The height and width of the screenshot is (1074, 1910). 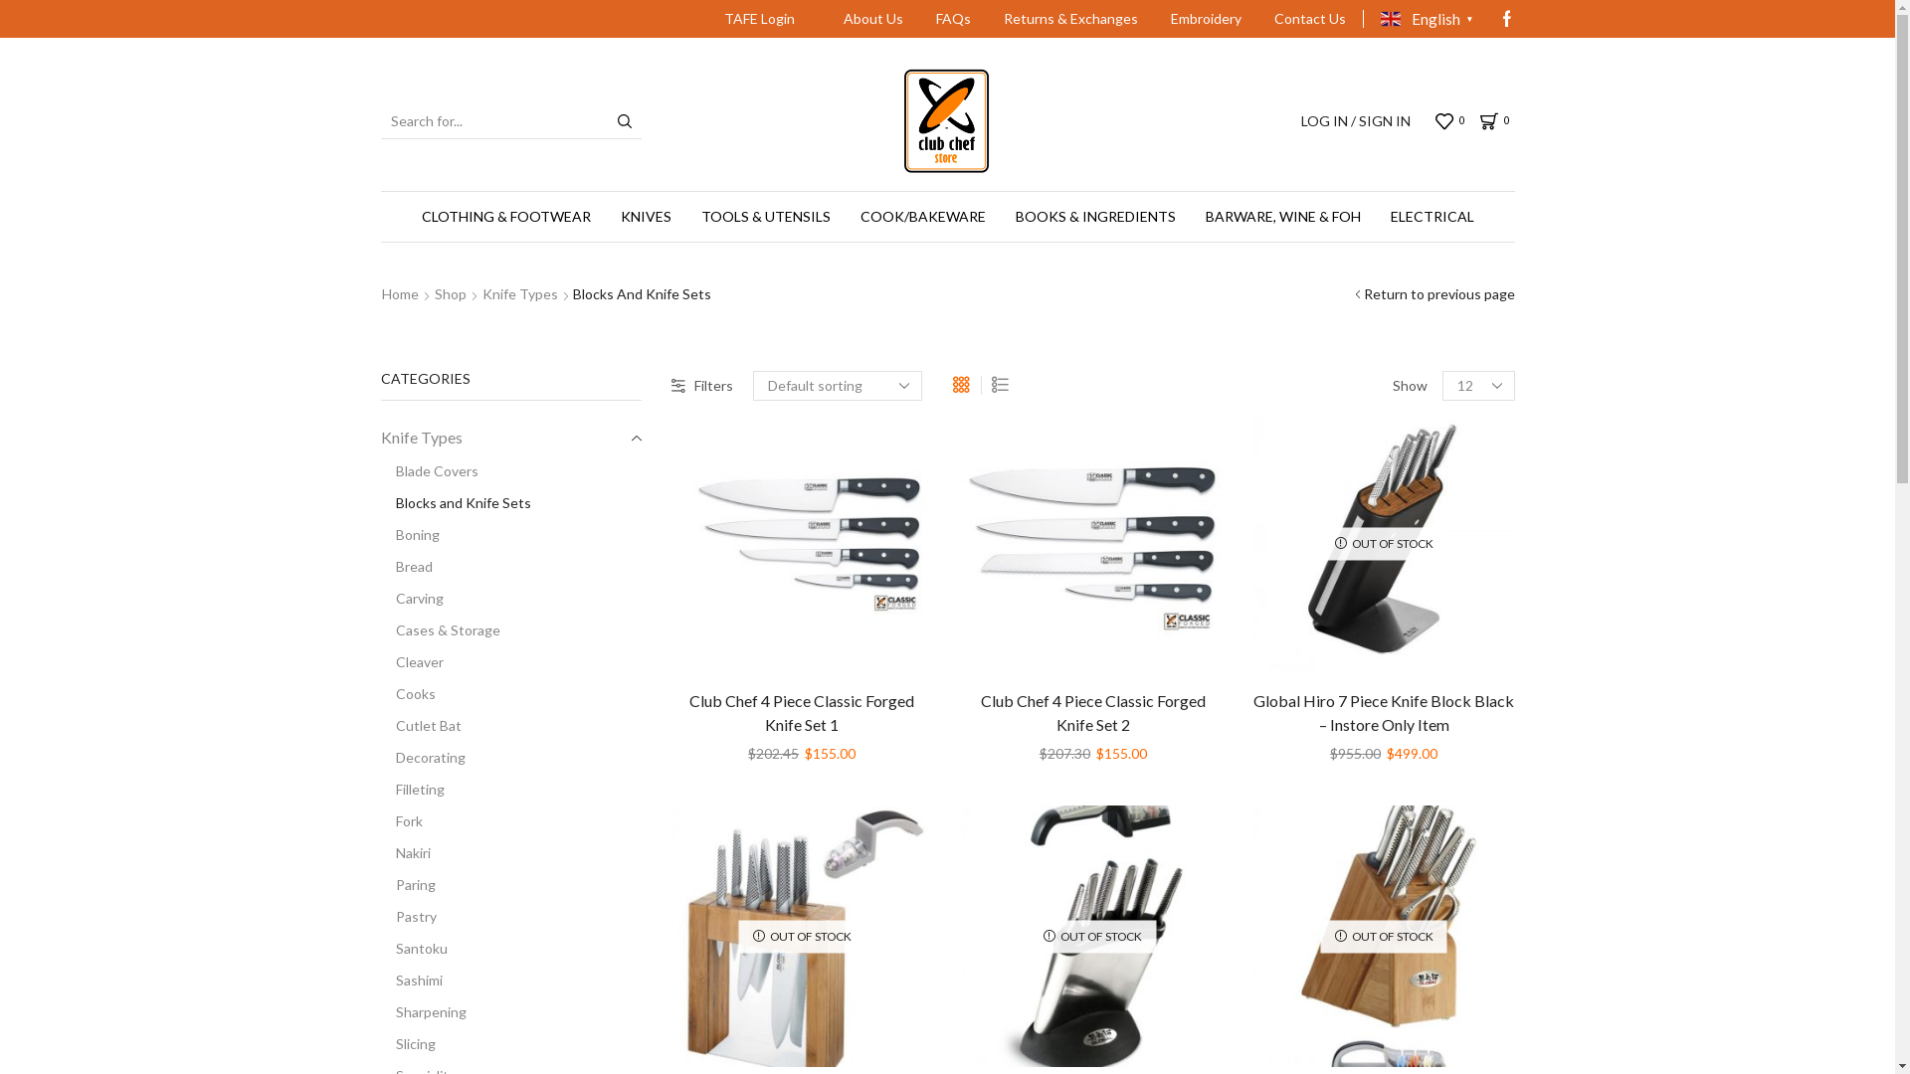 What do you see at coordinates (1435, 121) in the screenshot?
I see `'0'` at bounding box center [1435, 121].